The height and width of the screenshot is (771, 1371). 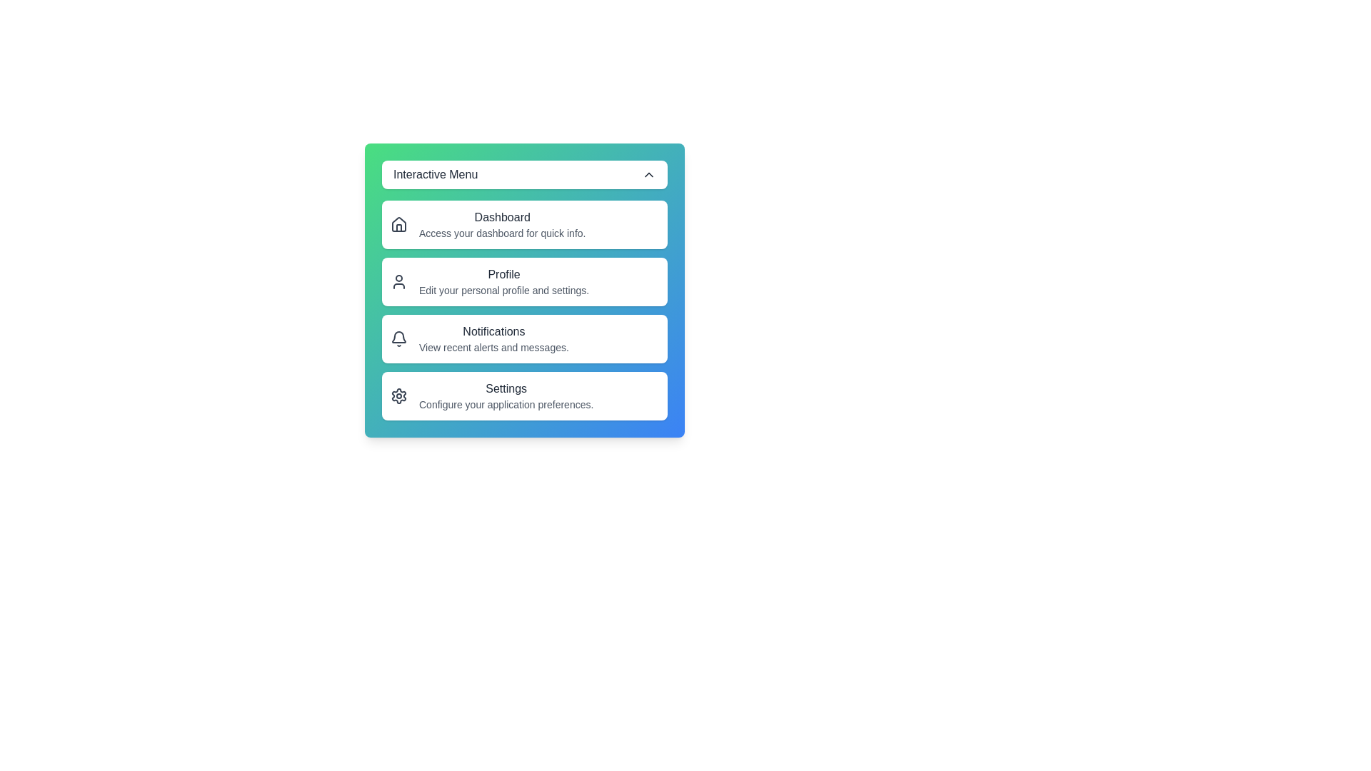 I want to click on the icon corresponding to Dashboard to indicate the action, so click(x=398, y=225).